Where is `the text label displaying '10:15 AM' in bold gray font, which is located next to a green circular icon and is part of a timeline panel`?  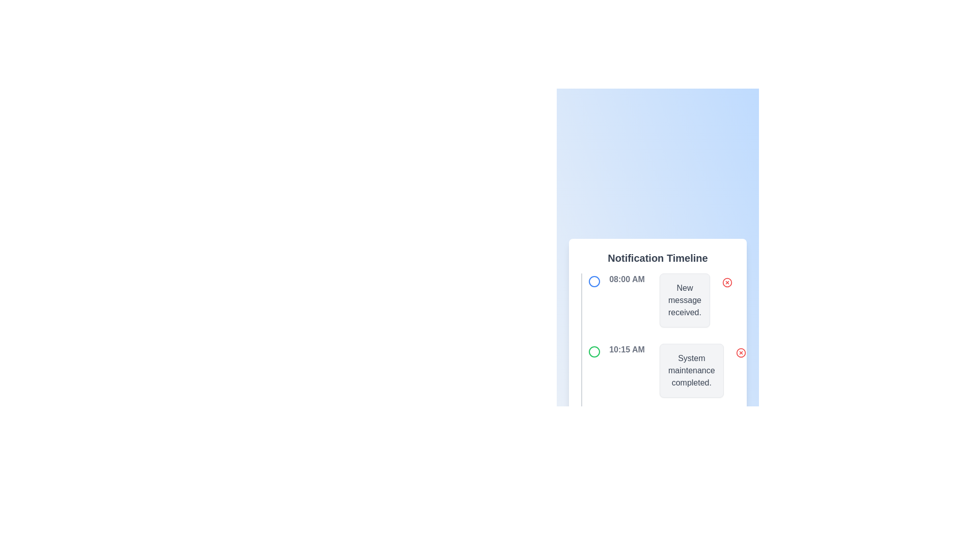
the text label displaying '10:15 AM' in bold gray font, which is located next to a green circular icon and is part of a timeline panel is located at coordinates (626, 349).